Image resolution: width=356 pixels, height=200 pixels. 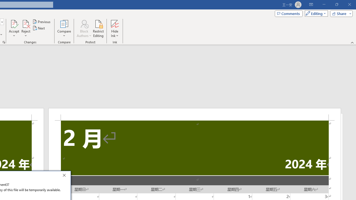 I want to click on 'Collapse the Ribbon', so click(x=352, y=42).